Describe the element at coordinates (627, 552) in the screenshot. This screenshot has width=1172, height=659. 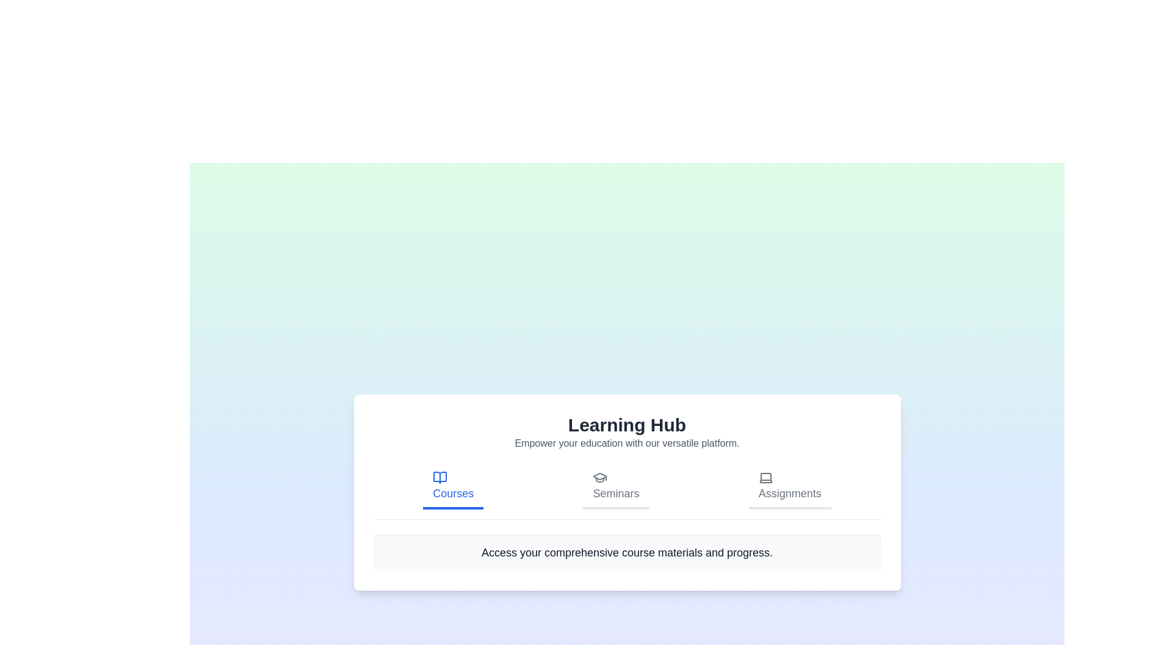
I see `the text that reads 'Access your comprehensive course materials and progress.' which is styled in medium-sized bold font and dark gray color, located in the bottom section of the main interface card` at that location.